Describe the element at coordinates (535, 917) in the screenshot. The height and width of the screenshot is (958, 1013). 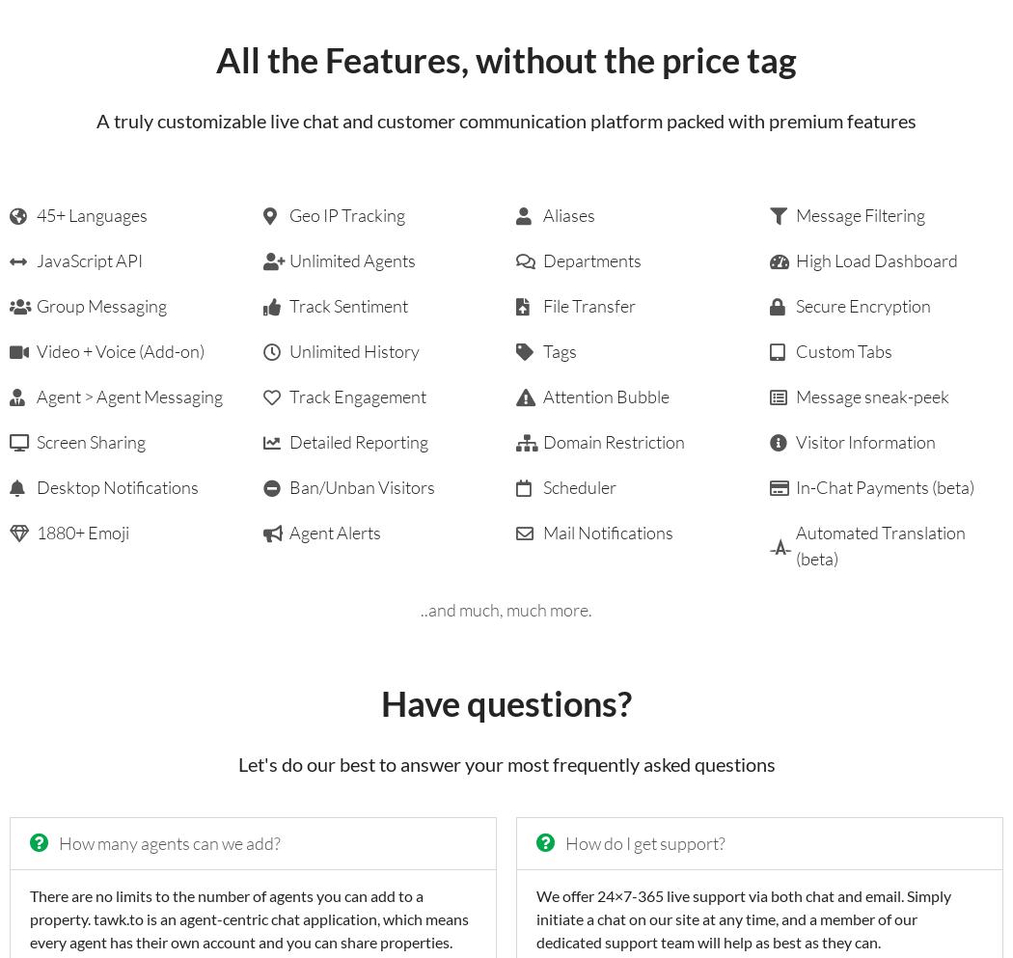
I see `'We offer 24×7-365 live support via both chat and email. Simply initiate a chat on our site at any time, and a member of our dedicated support team will help as best as they can.'` at that location.